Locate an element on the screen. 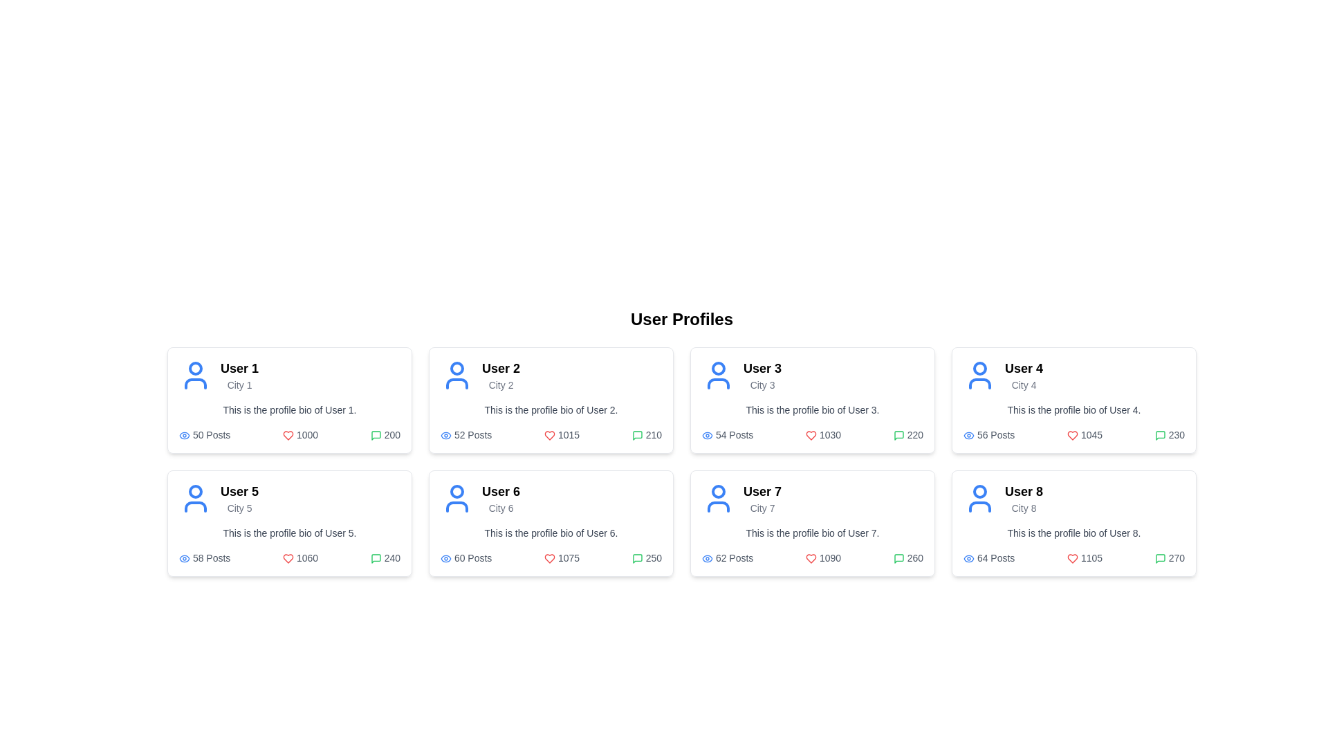 This screenshot has width=1328, height=747. text label that serves as the primary title for the profile card of 'User 3', located above 'City 3' in the upper-left section of the profile card is located at coordinates (762, 367).